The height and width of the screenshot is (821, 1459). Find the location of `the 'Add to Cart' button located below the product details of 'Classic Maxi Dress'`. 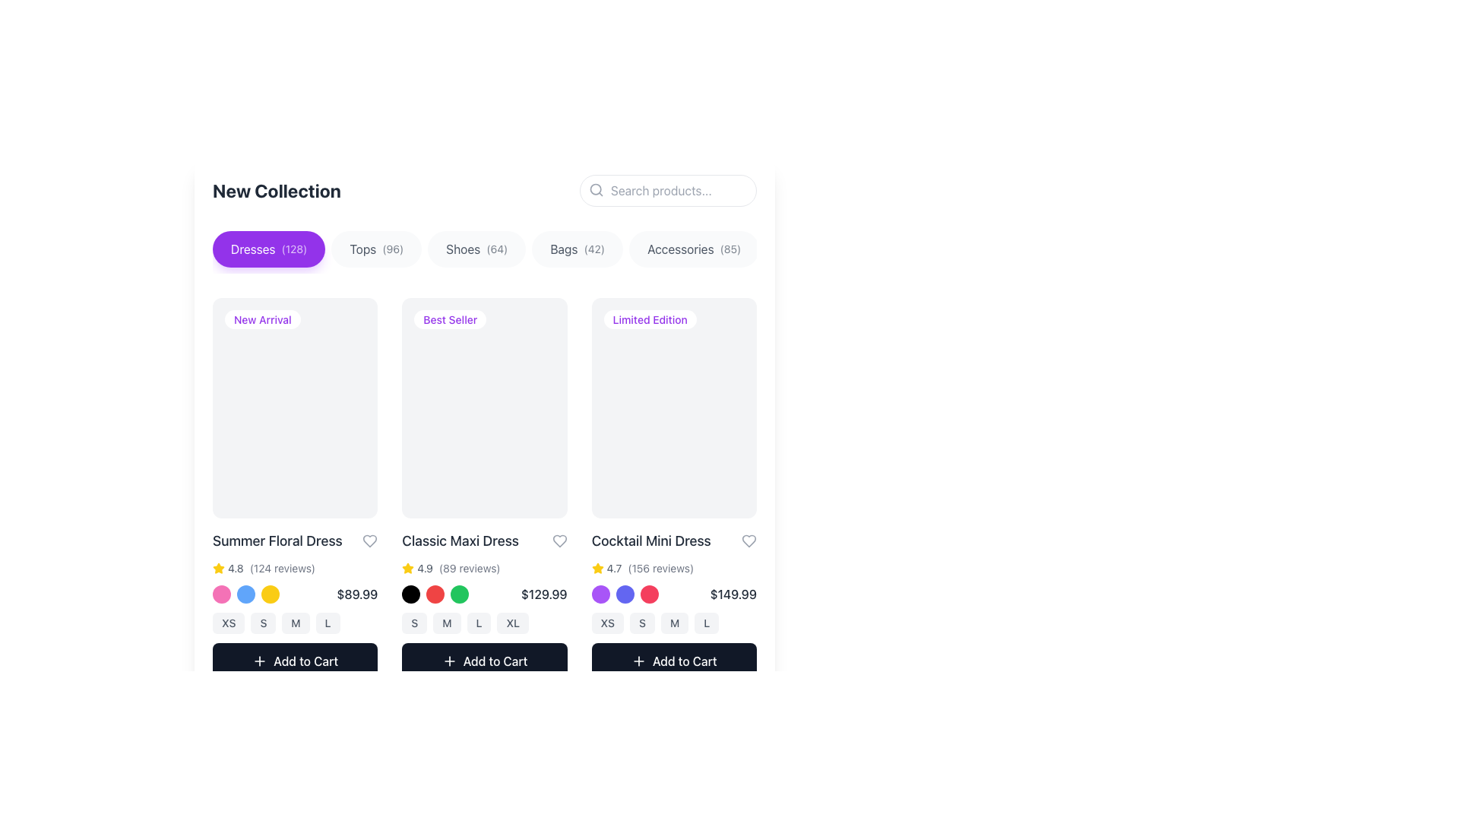

the 'Add to Cart' button located below the product details of 'Classic Maxi Dress' is located at coordinates (495, 660).